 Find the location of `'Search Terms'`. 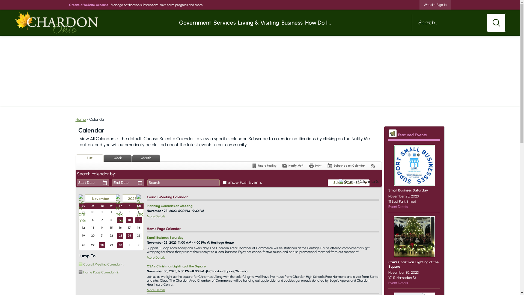

'Search Terms' is located at coordinates (183, 182).